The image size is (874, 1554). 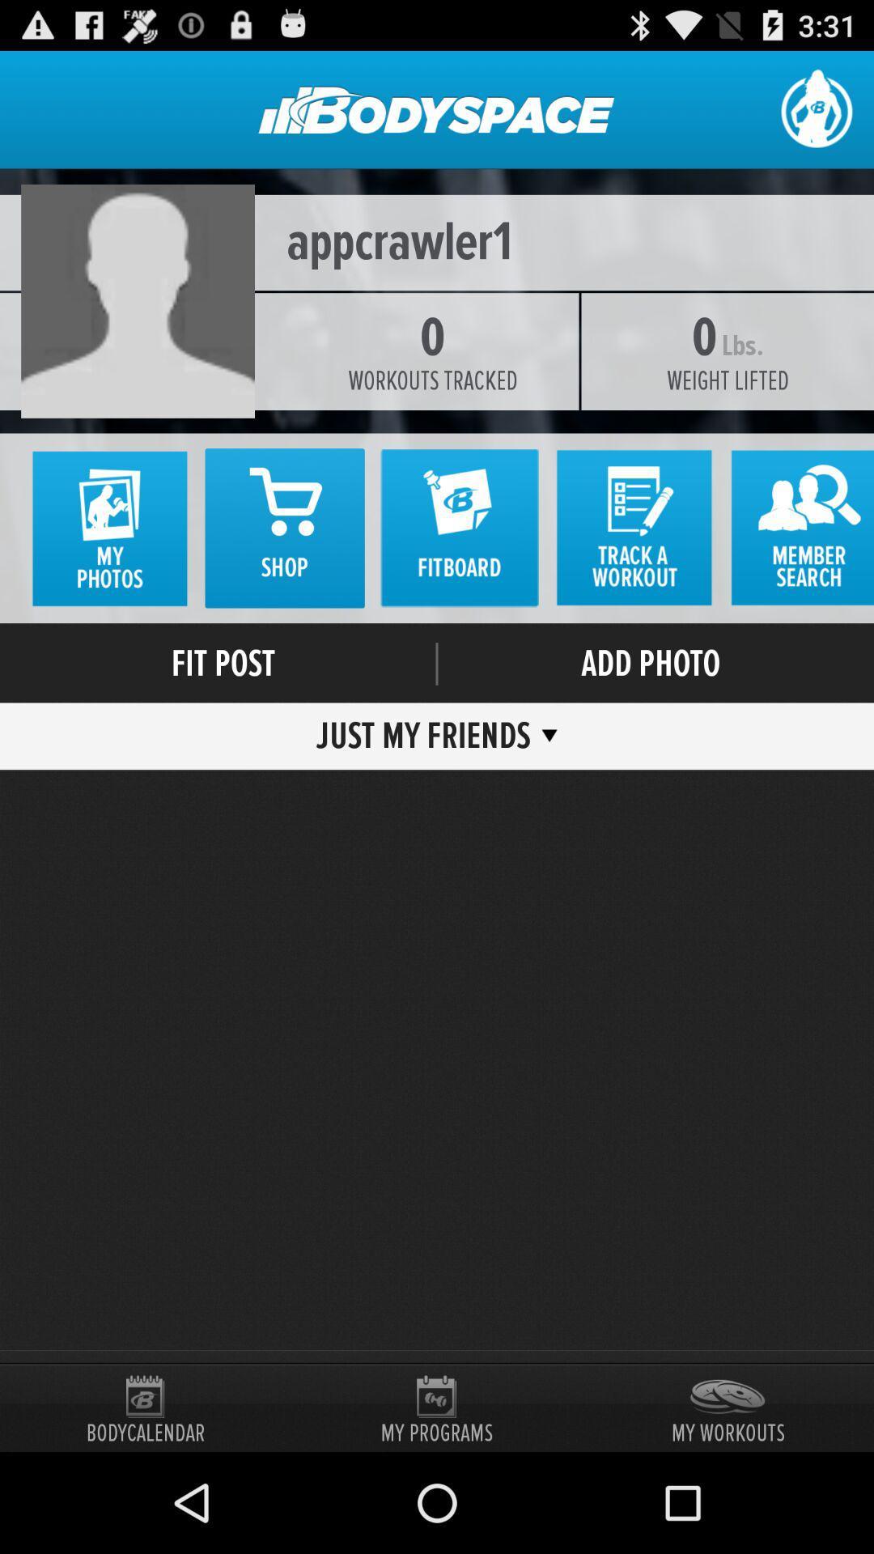 What do you see at coordinates (727, 380) in the screenshot?
I see `the icon to the right of the 0` at bounding box center [727, 380].